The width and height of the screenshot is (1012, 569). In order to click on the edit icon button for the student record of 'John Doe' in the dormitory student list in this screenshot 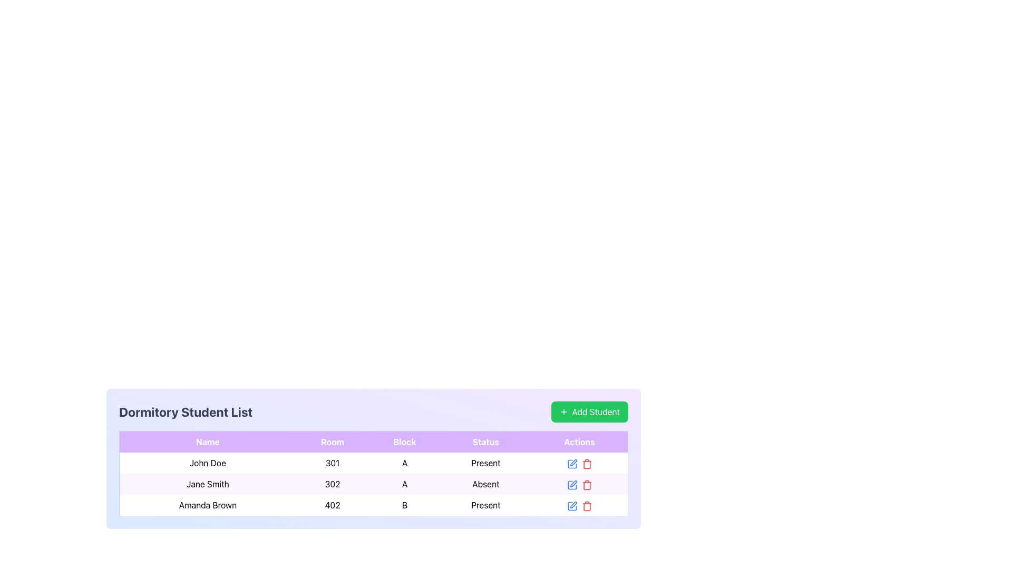, I will do `click(571, 463)`.